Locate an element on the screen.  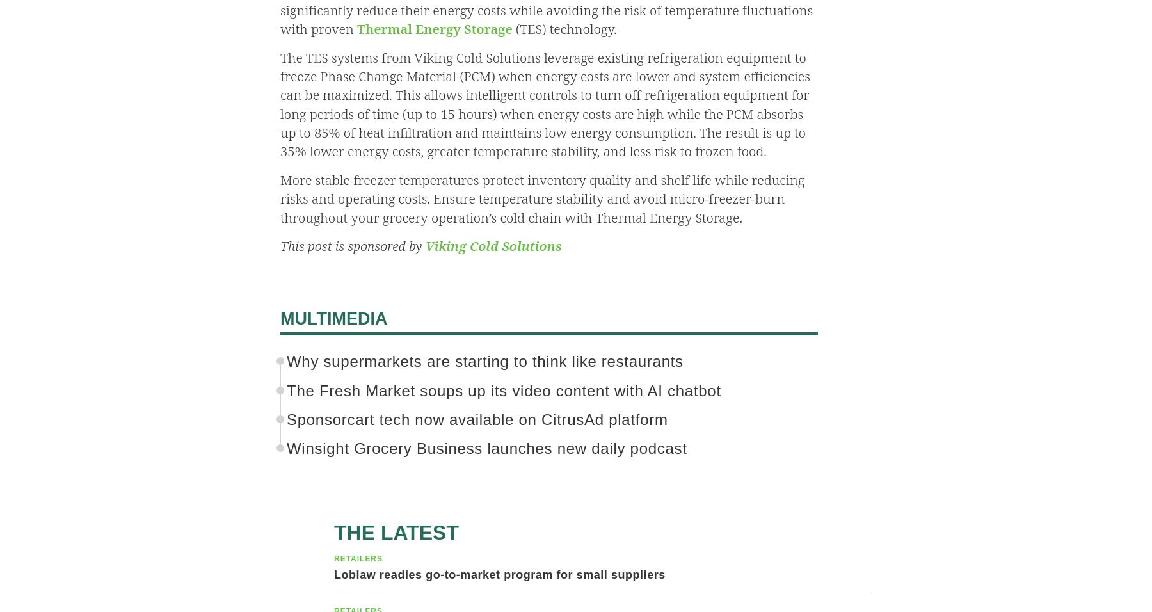
'The Fresh Market soups up its video content with AI chatbot' is located at coordinates (287, 390).